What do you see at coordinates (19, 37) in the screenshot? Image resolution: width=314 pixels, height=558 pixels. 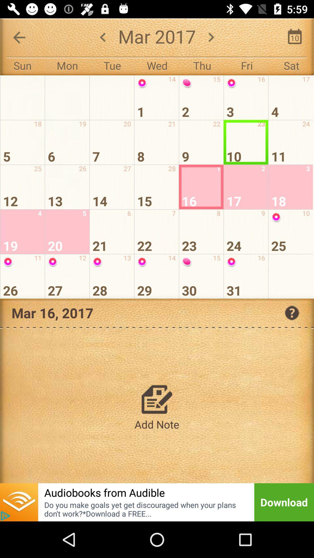 I see `the arrow_backward icon` at bounding box center [19, 37].